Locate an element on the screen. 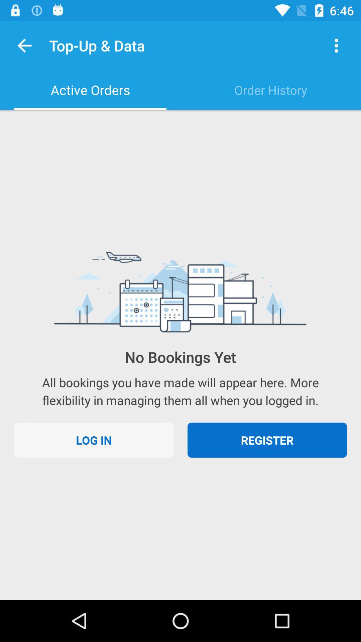 The width and height of the screenshot is (361, 642). the item next to register is located at coordinates (94, 440).